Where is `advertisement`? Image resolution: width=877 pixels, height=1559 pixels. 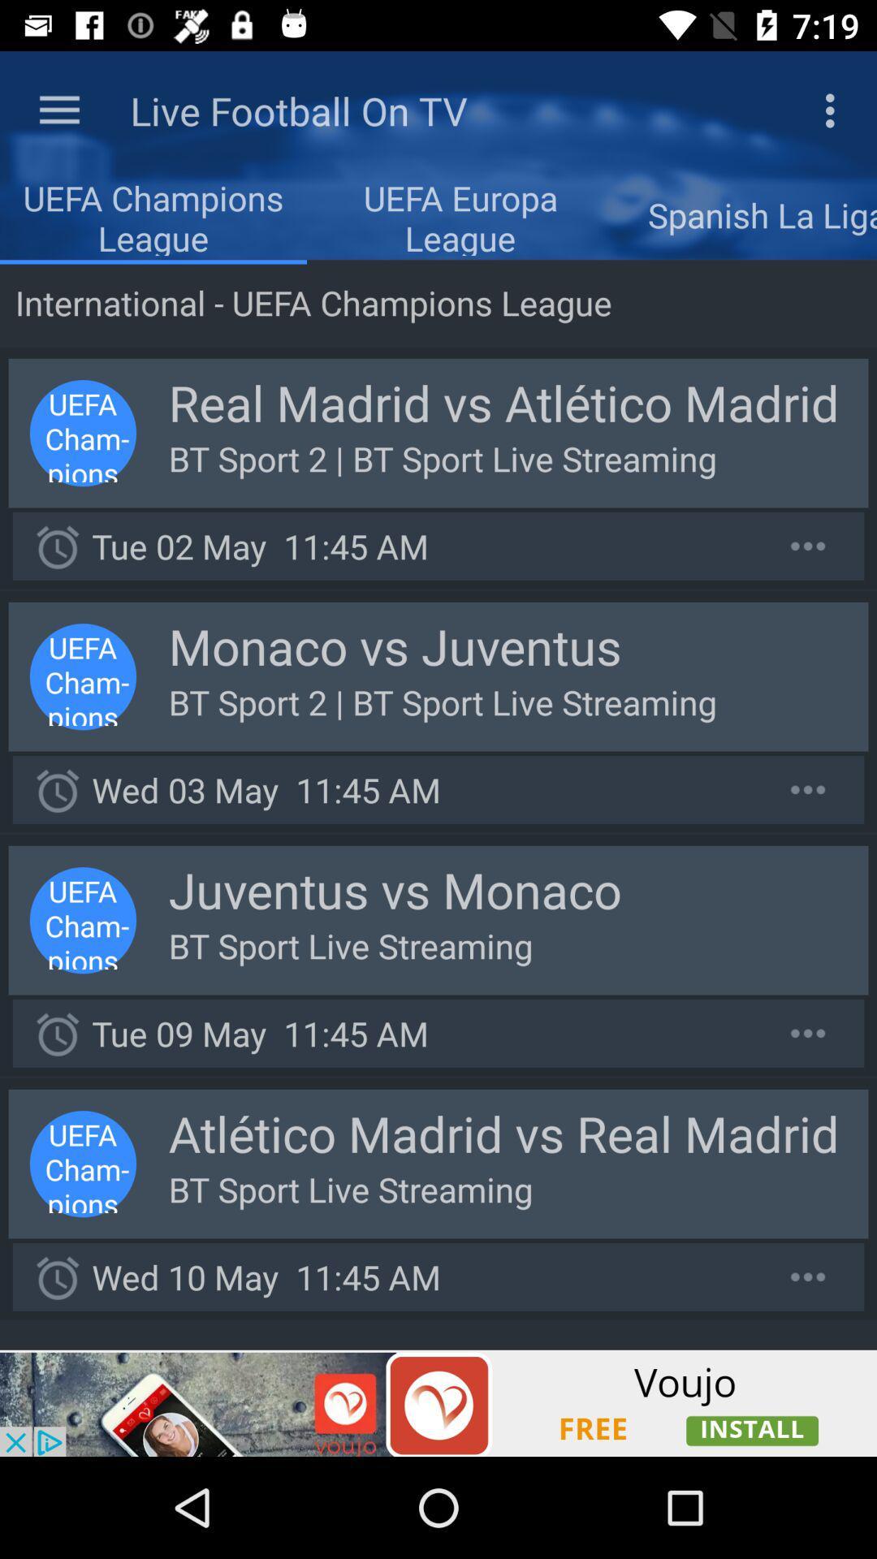 advertisement is located at coordinates (438, 1402).